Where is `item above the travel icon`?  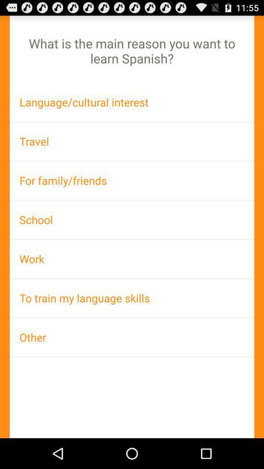 item above the travel icon is located at coordinates (132, 102).